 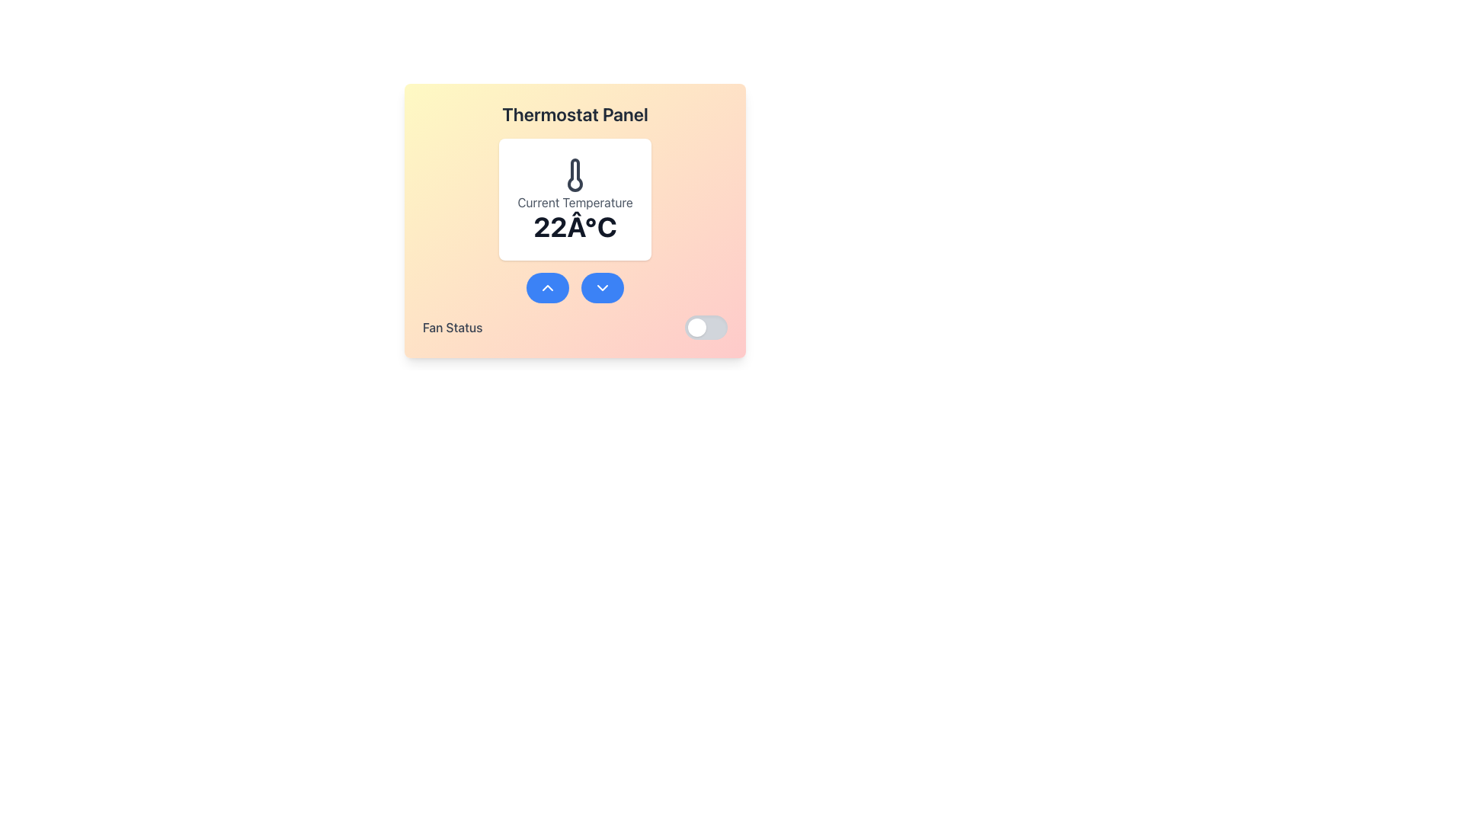 I want to click on the left button of the dual button component, so click(x=574, y=288).